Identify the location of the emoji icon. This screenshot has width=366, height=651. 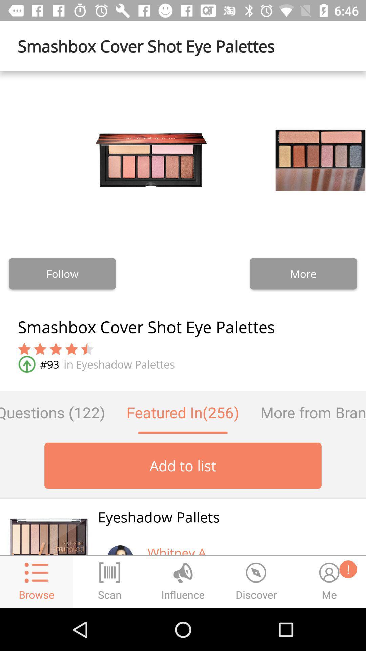
(329, 581).